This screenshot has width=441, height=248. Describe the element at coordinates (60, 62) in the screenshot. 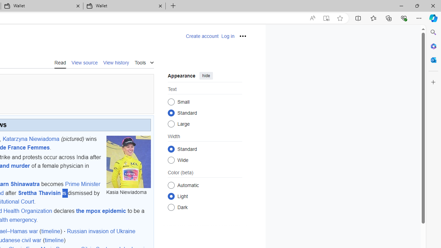

I see `'Read'` at that location.